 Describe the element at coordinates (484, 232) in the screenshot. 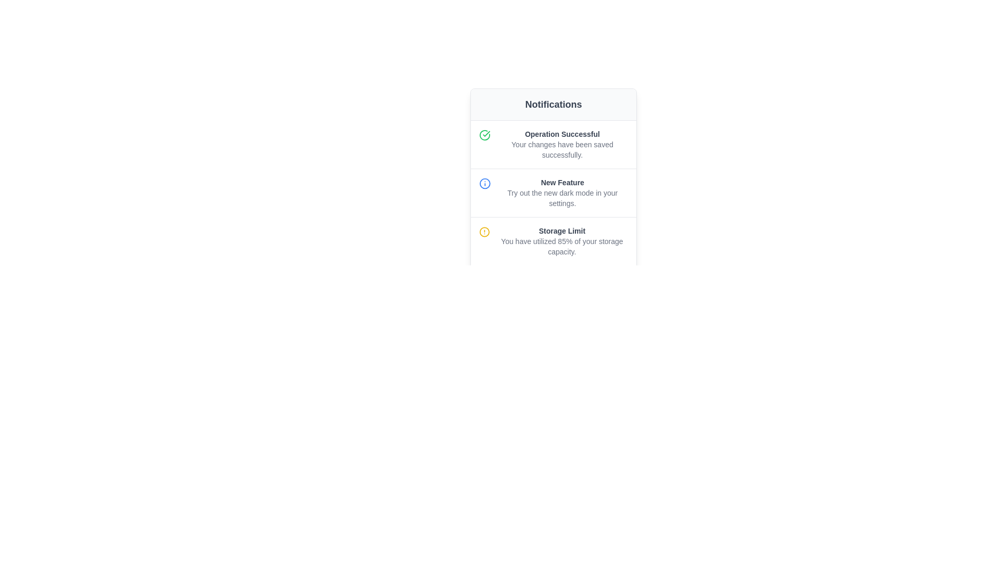

I see `the yellow circular alert icon with an exclamation mark located in the third notification row, to the left of the text 'Storage Limit'` at that location.